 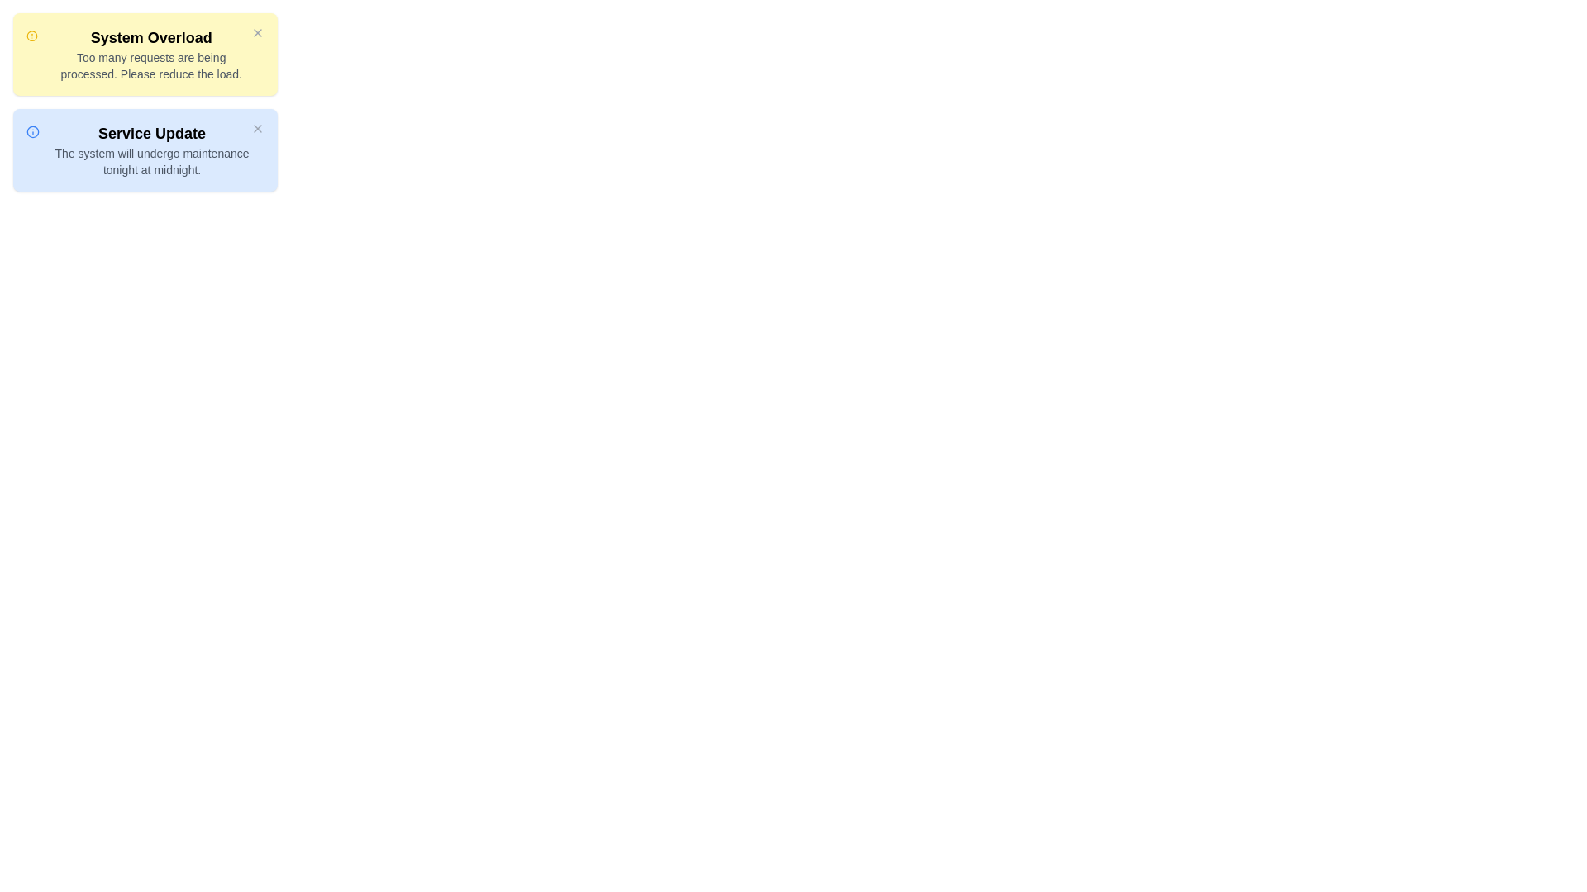 I want to click on displayed text of the 'Service Update' label, which is a bold, large-sized font text located at the top of a blue notification box, so click(x=152, y=133).